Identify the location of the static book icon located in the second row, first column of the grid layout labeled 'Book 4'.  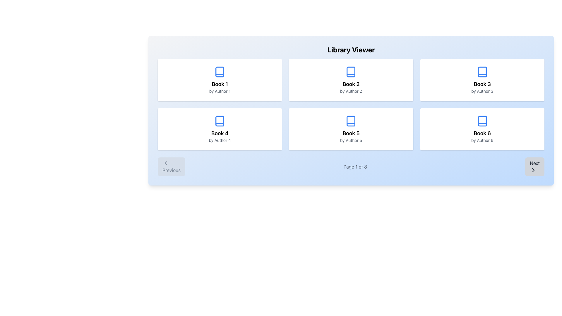
(220, 121).